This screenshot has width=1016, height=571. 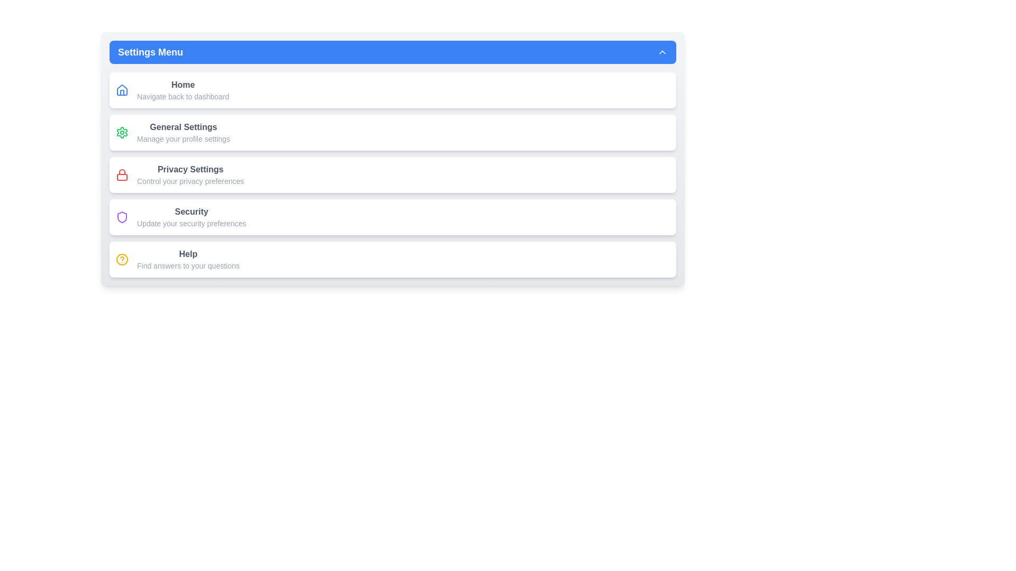 What do you see at coordinates (183, 85) in the screenshot?
I see `the 'Home' text label that serves as a menu item at the top of the vertical menu layout, providing visual indication and navigation back to the dashboard` at bounding box center [183, 85].